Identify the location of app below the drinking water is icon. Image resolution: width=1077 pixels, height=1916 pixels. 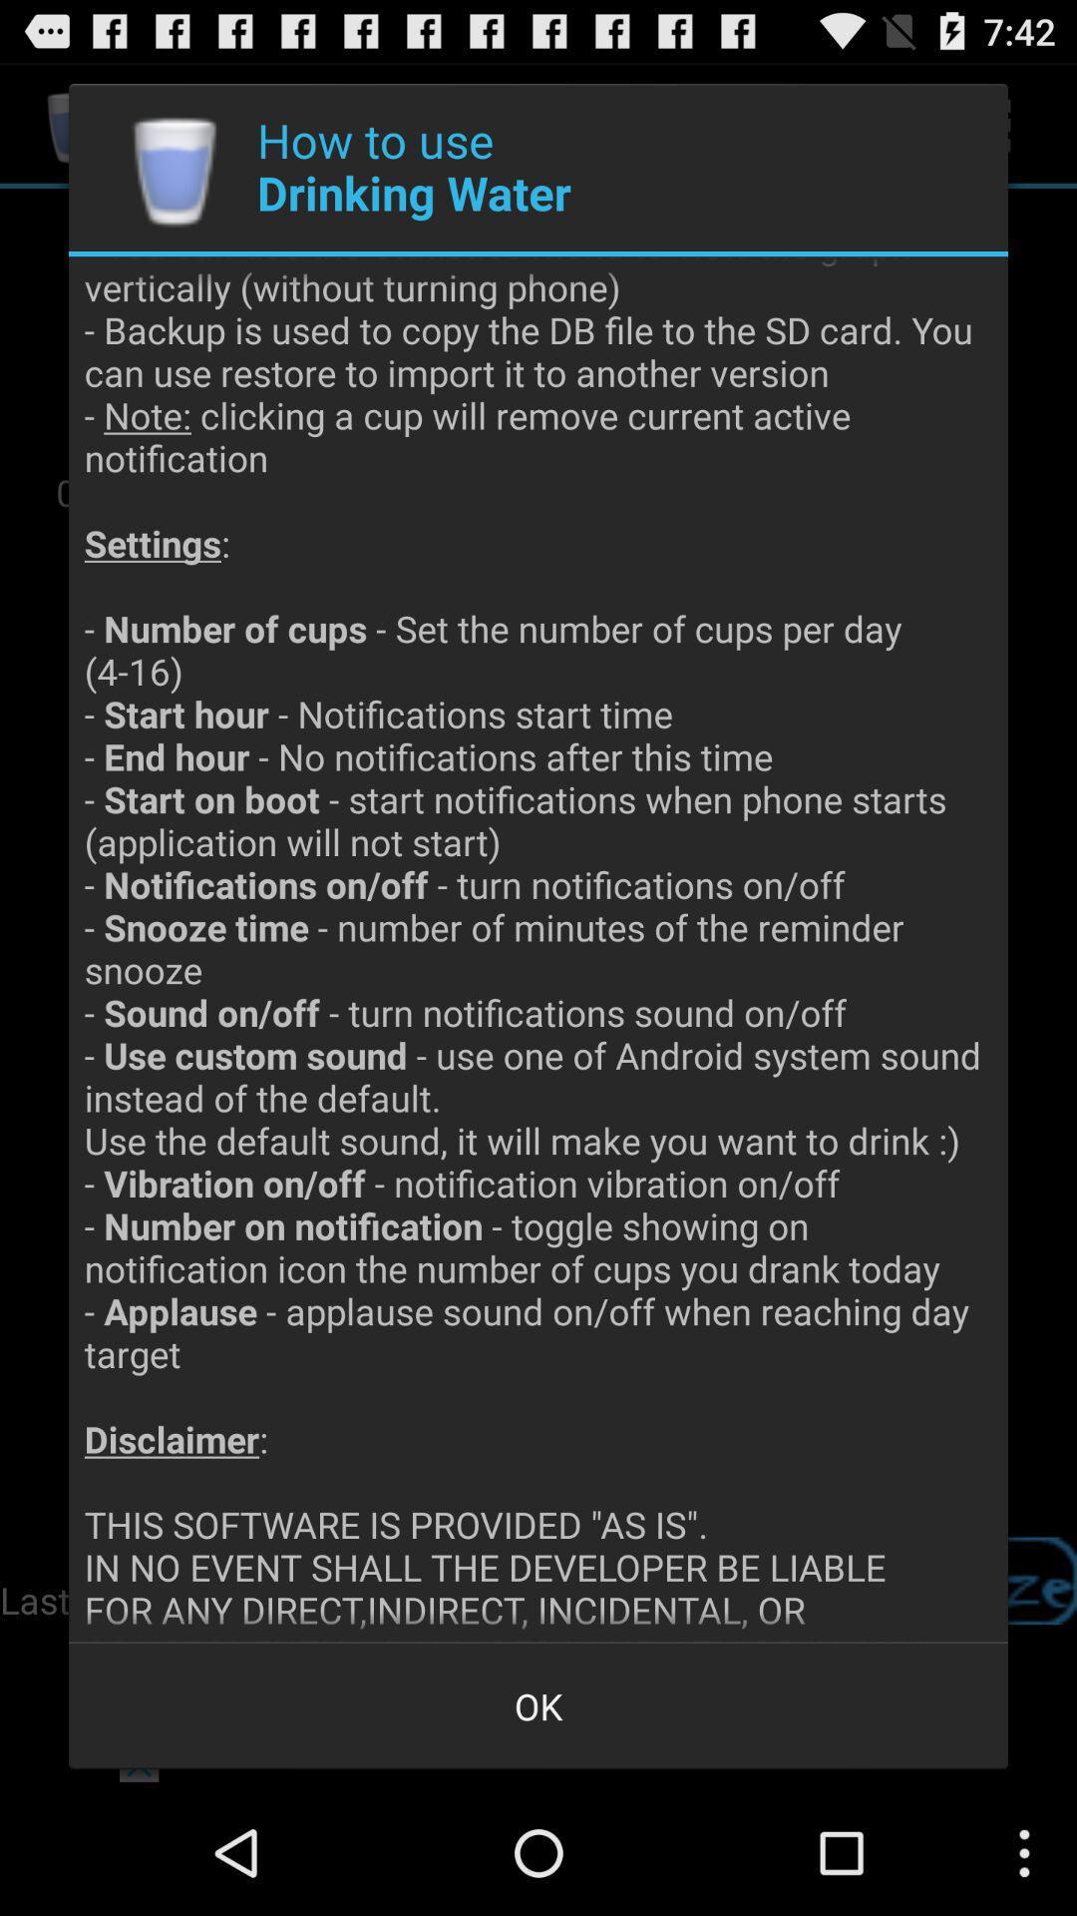
(538, 1704).